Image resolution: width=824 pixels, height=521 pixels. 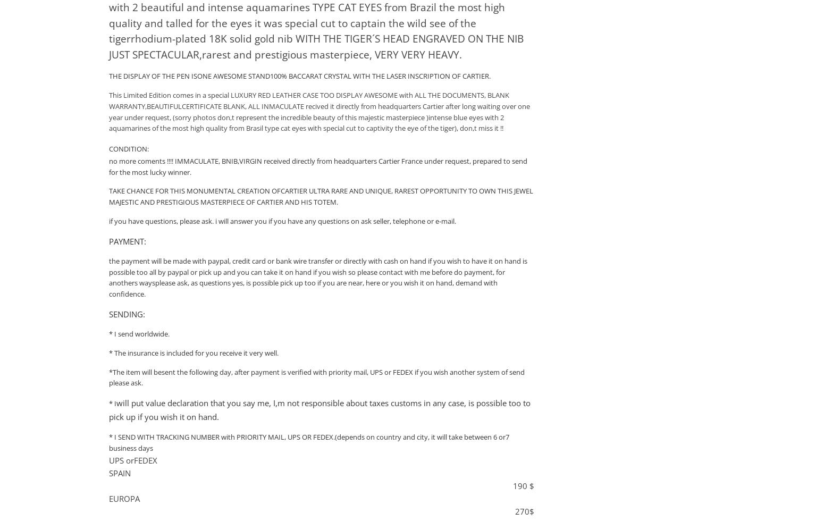 What do you see at coordinates (108, 460) in the screenshot?
I see `'UPS orFEDEX'` at bounding box center [108, 460].